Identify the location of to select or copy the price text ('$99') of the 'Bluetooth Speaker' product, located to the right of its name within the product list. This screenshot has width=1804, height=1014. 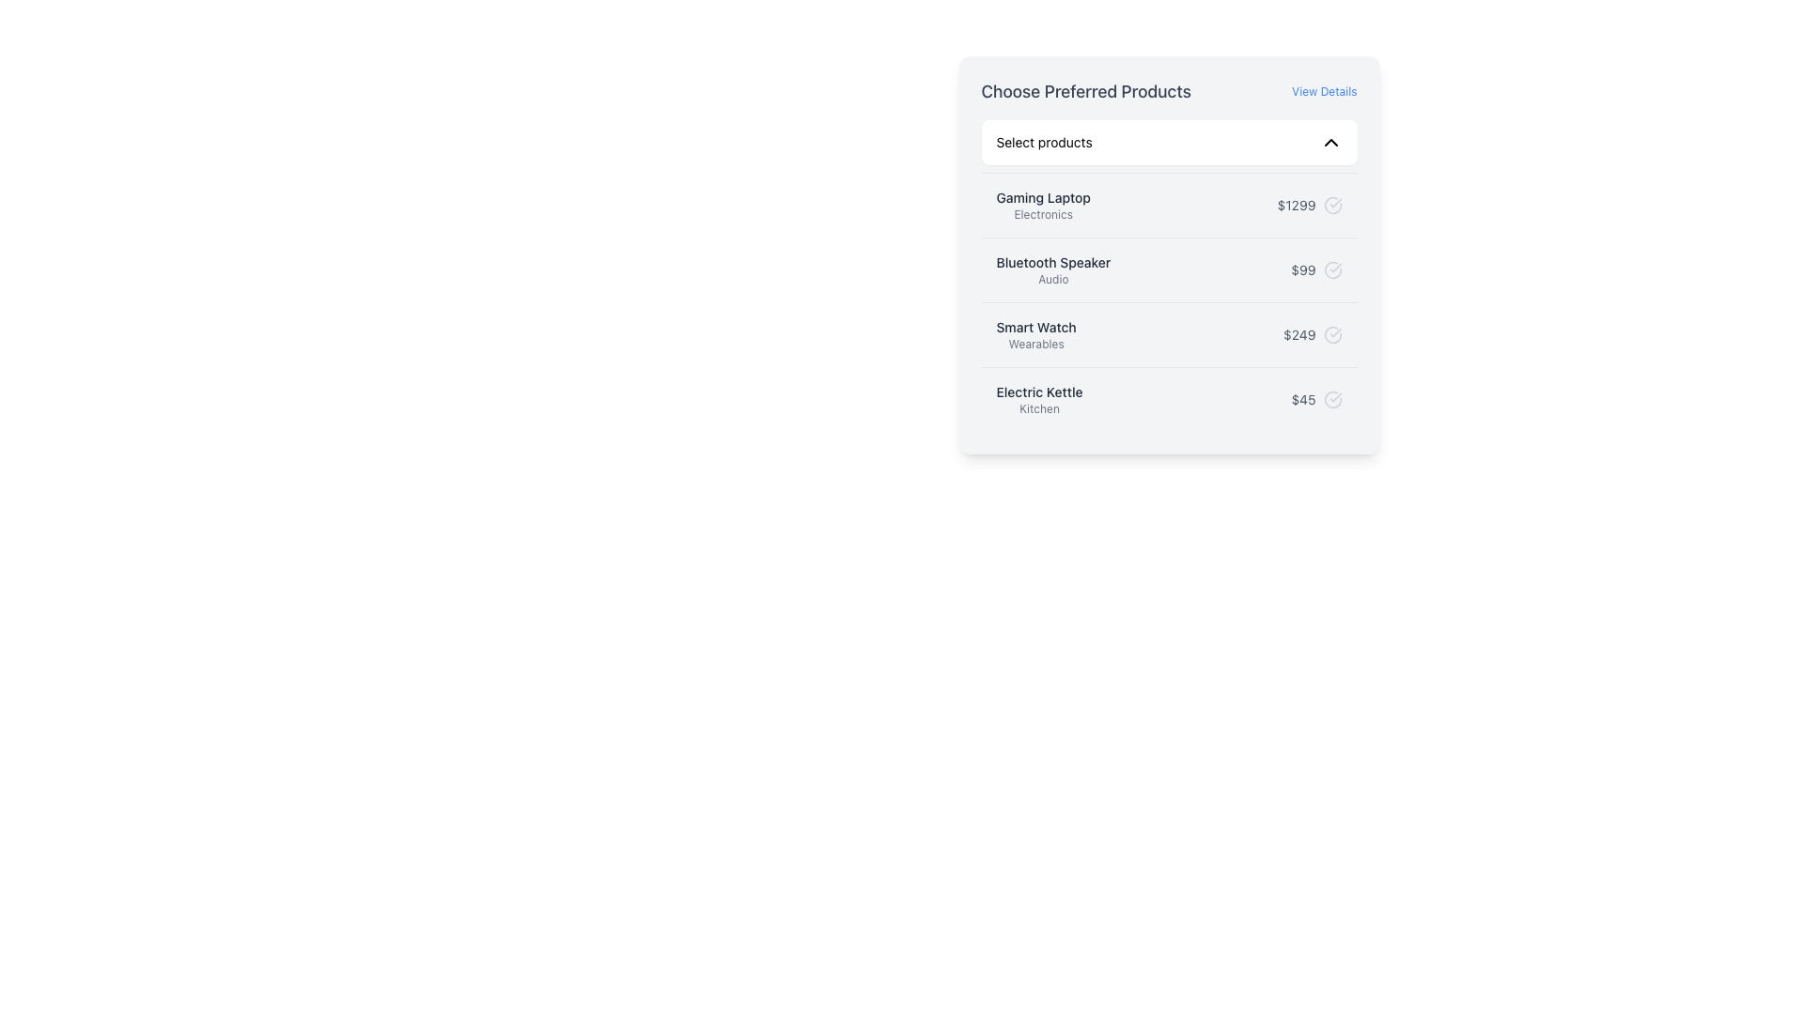
(1315, 270).